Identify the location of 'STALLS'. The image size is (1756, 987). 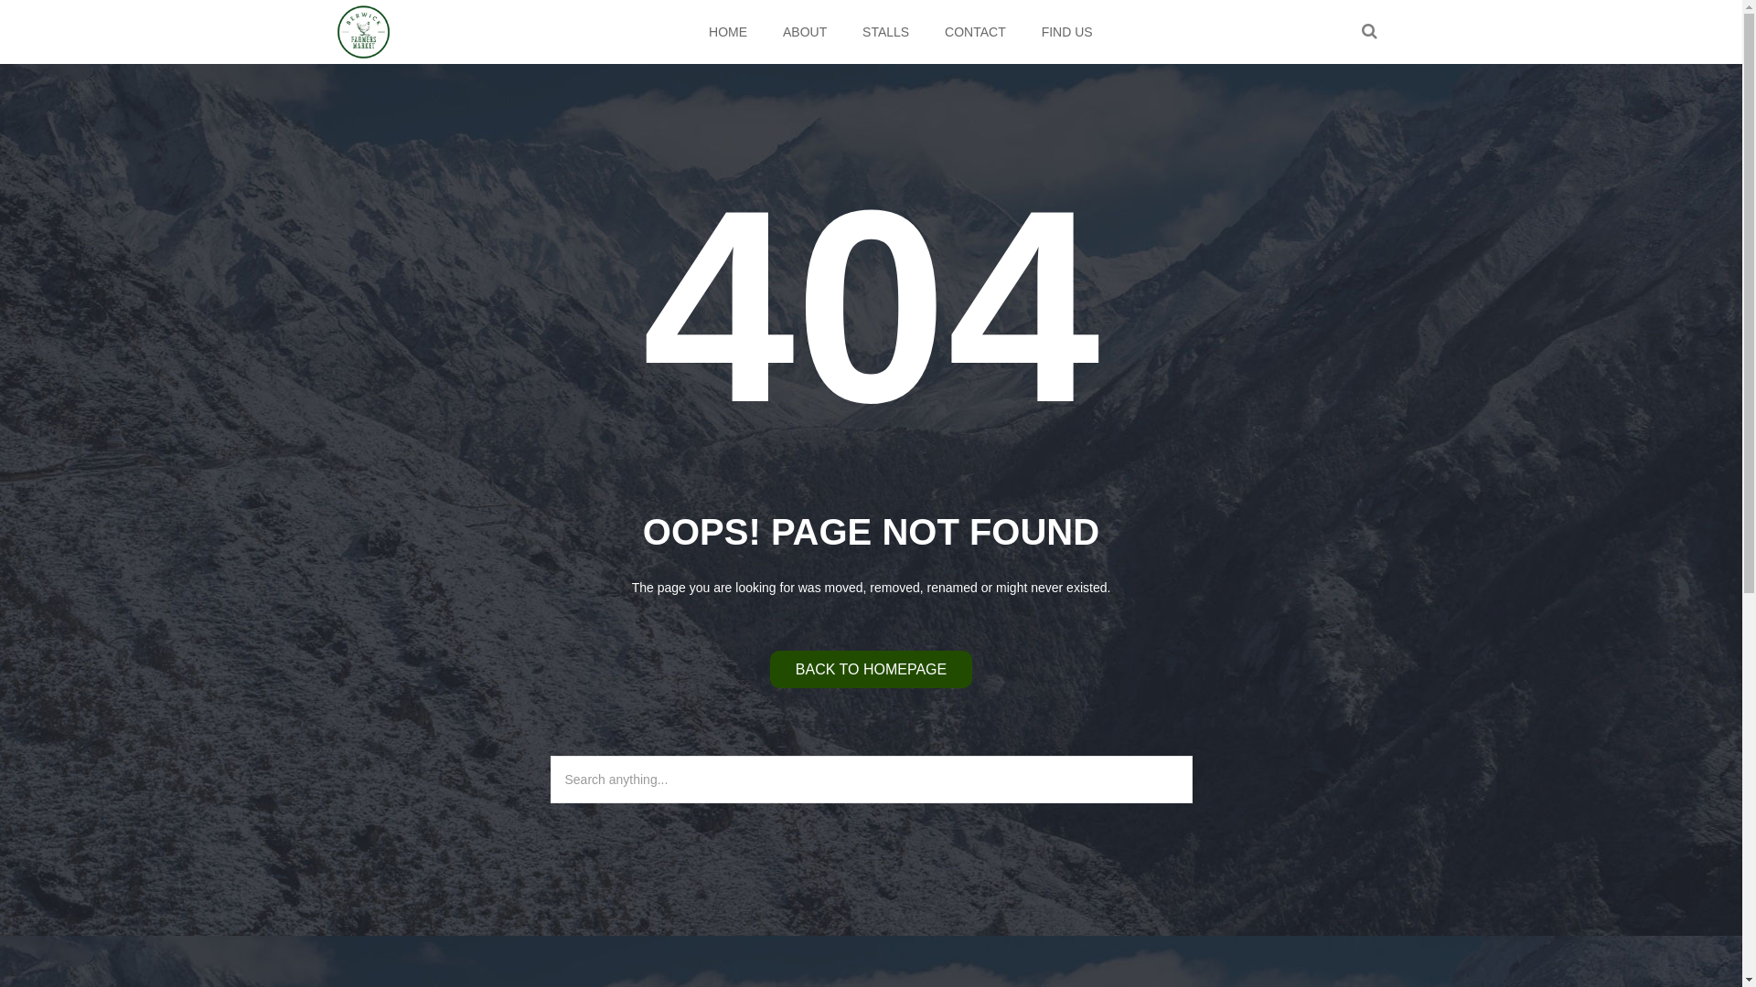
(886, 31).